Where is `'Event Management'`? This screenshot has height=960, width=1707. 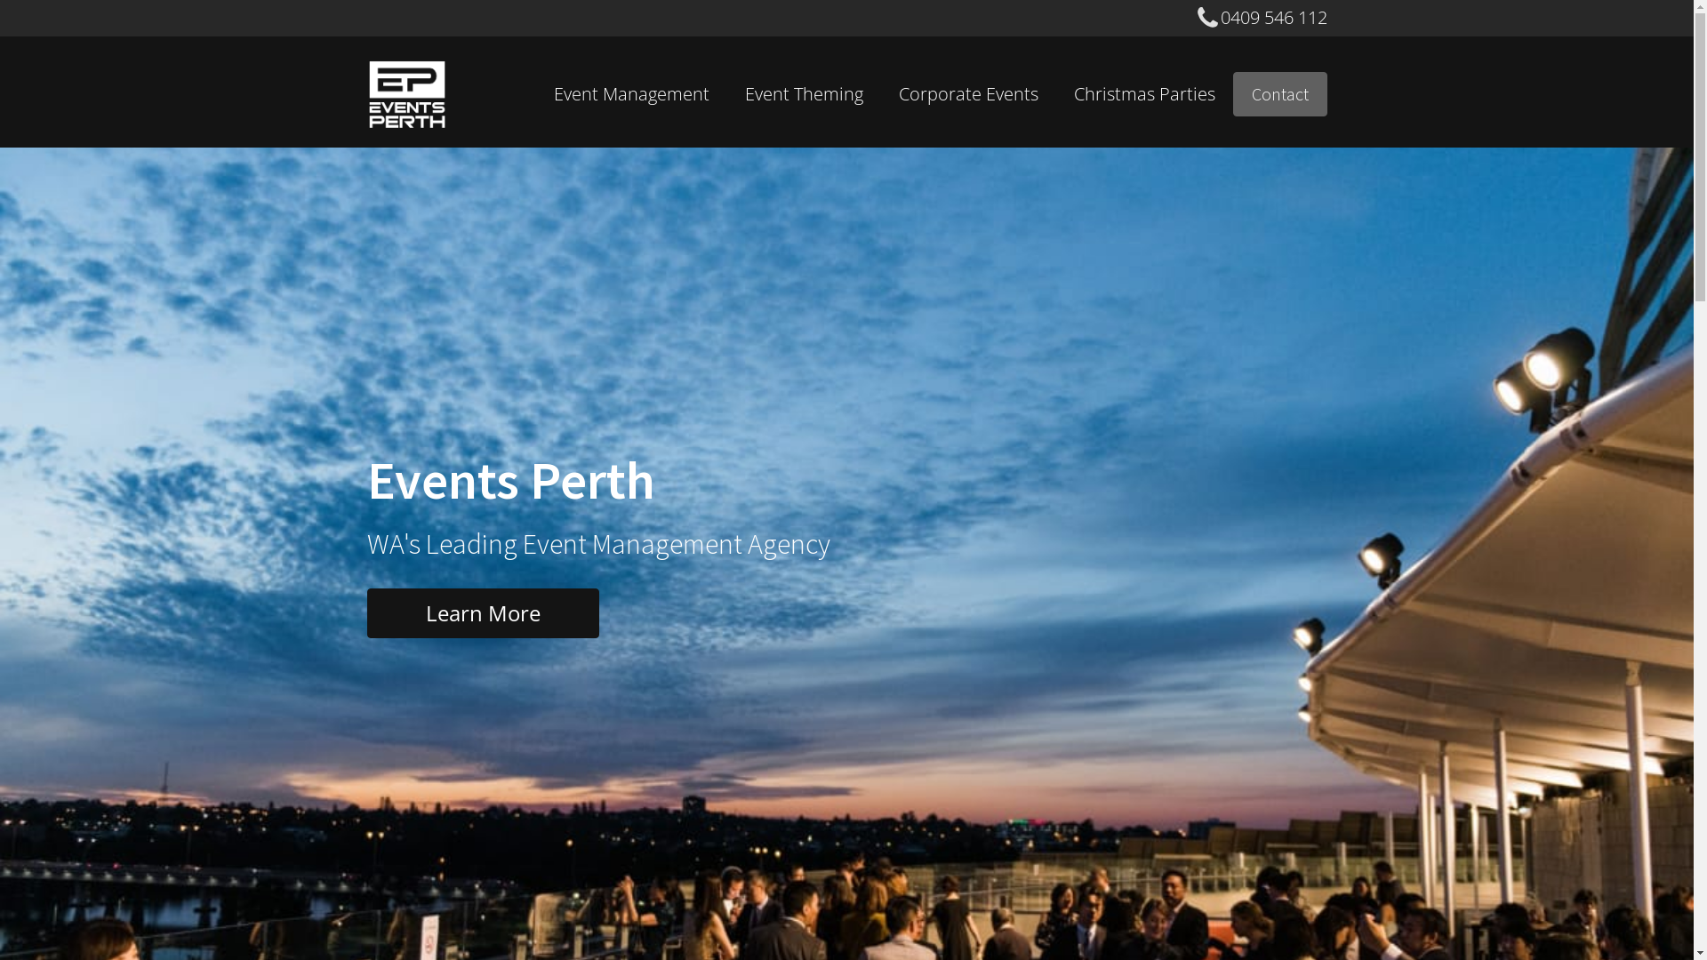
'Event Management' is located at coordinates (533, 93).